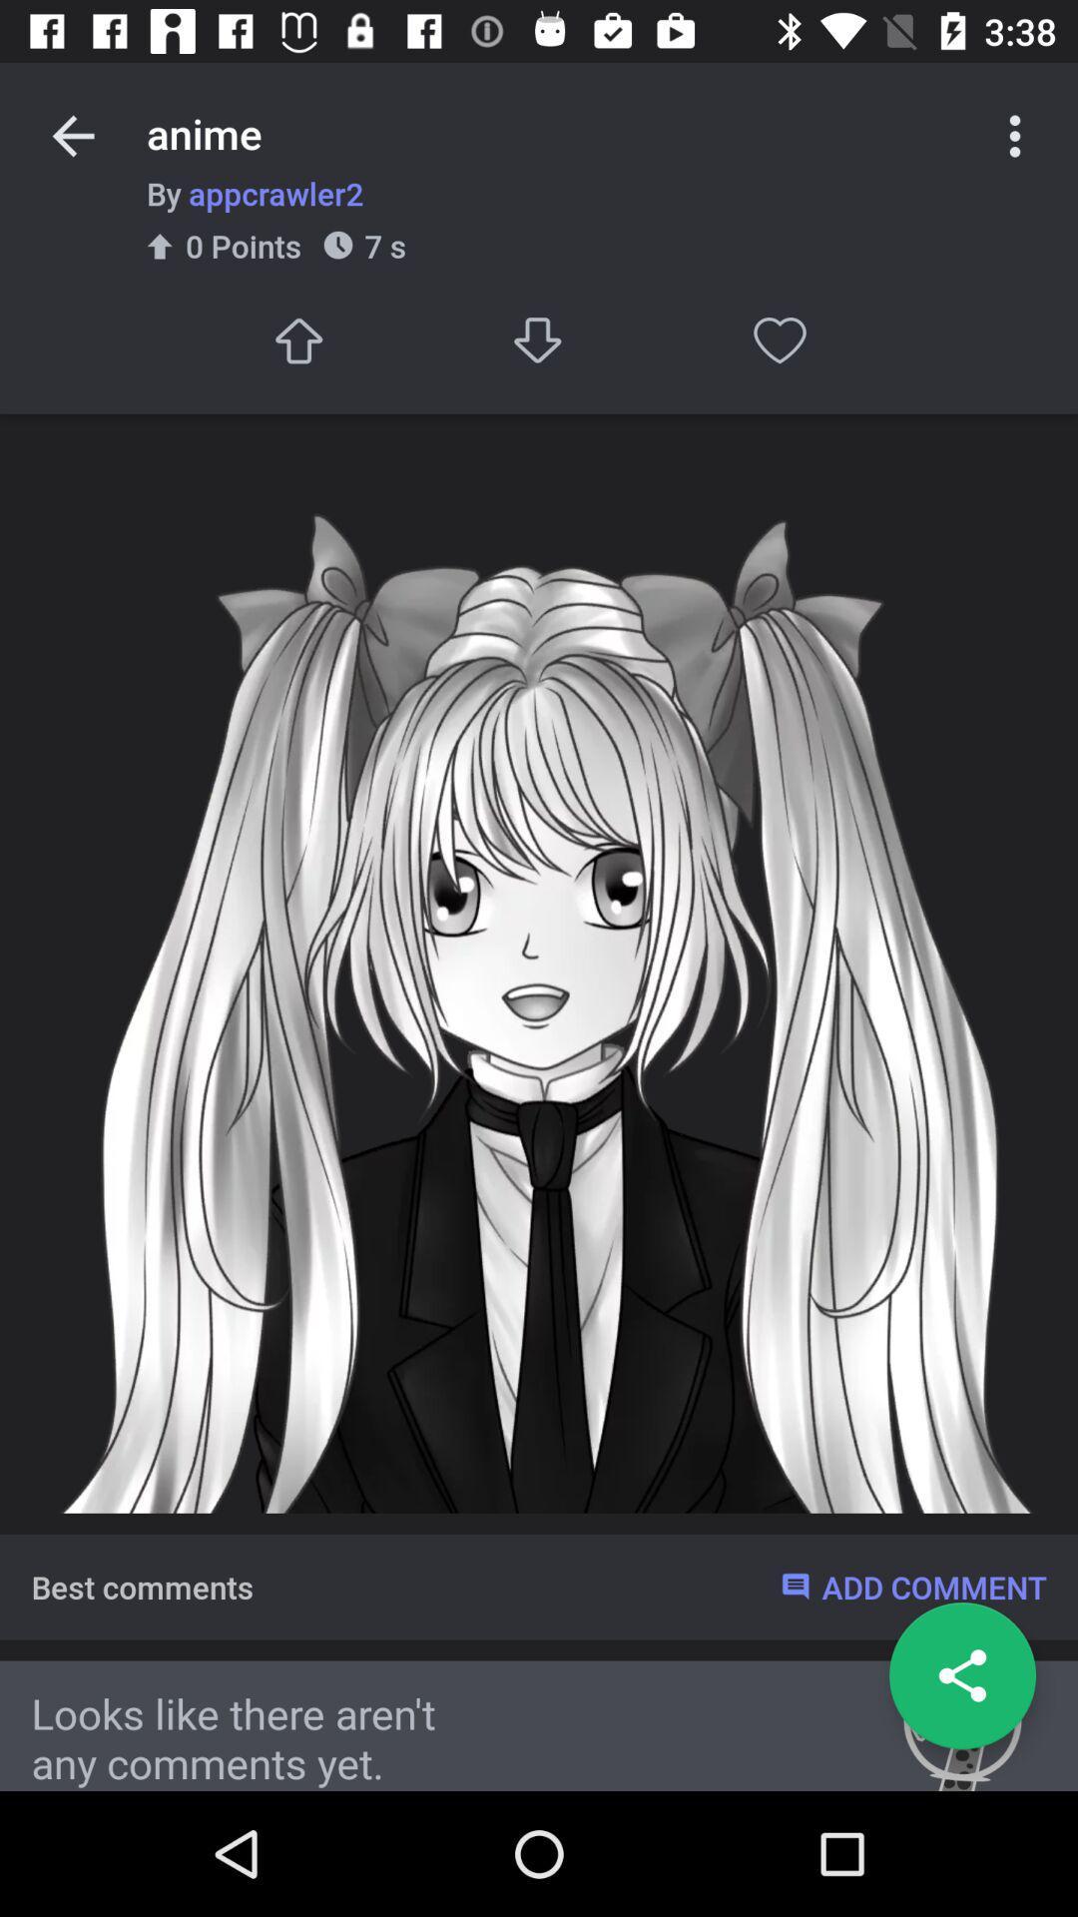 Image resolution: width=1078 pixels, height=1917 pixels. Describe the element at coordinates (961, 1675) in the screenshot. I see `go back` at that location.